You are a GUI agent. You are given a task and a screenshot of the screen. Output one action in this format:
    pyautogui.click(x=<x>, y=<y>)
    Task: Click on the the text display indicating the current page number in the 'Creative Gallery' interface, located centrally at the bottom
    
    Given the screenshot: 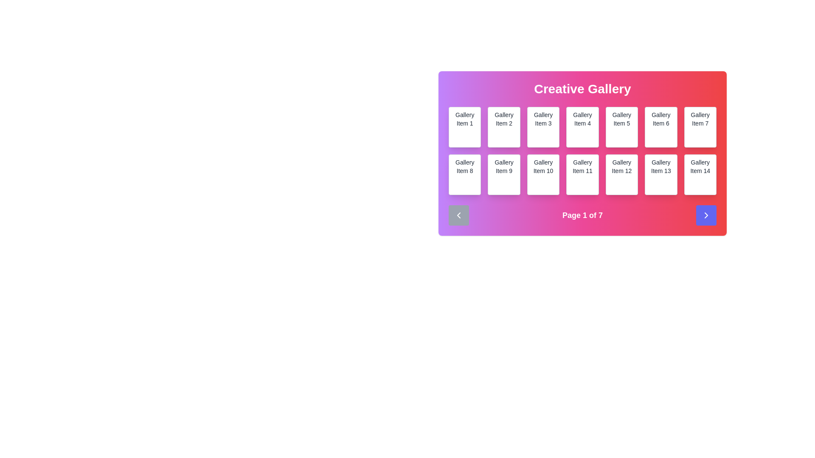 What is the action you would take?
    pyautogui.click(x=582, y=215)
    